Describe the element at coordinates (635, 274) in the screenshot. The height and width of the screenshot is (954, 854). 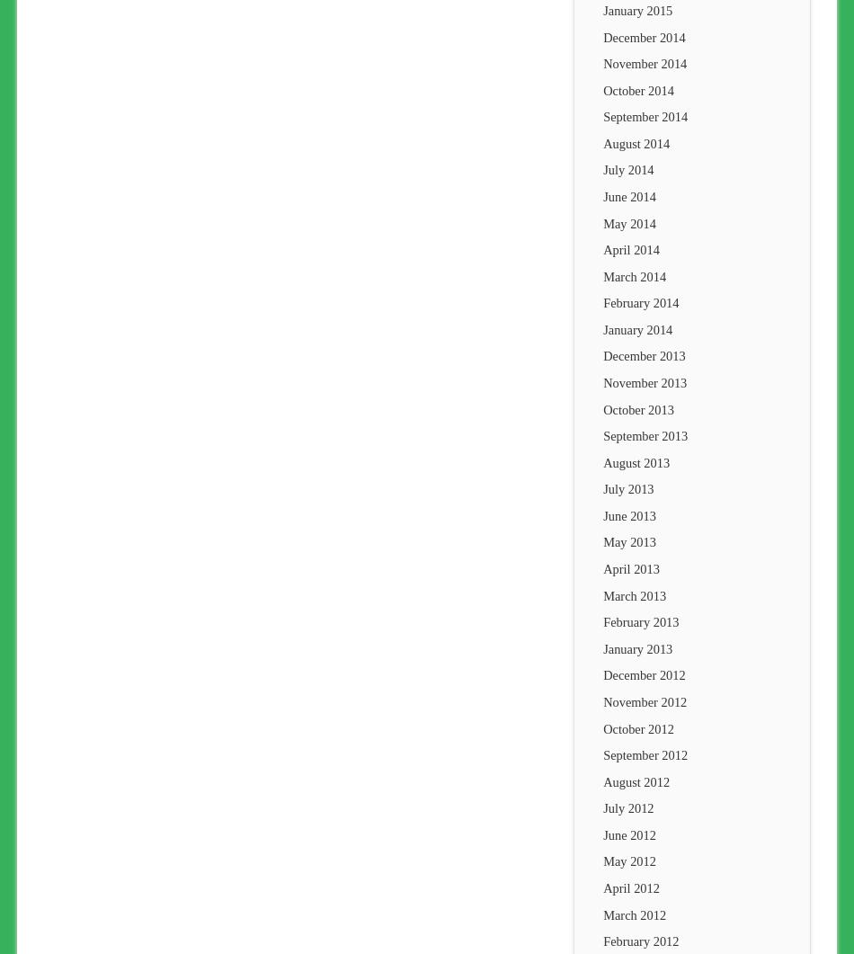
I see `'March 2014'` at that location.